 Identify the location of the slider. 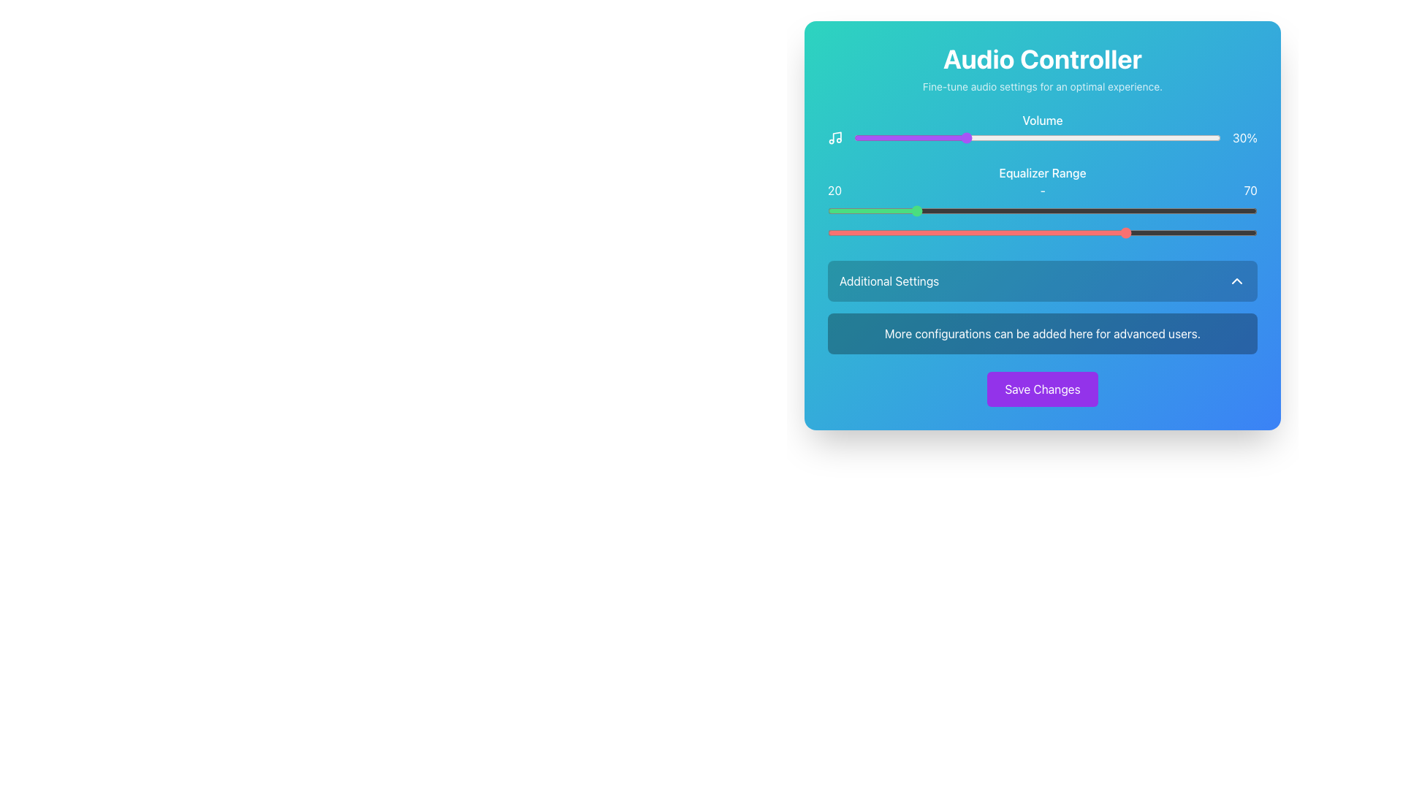
(942, 138).